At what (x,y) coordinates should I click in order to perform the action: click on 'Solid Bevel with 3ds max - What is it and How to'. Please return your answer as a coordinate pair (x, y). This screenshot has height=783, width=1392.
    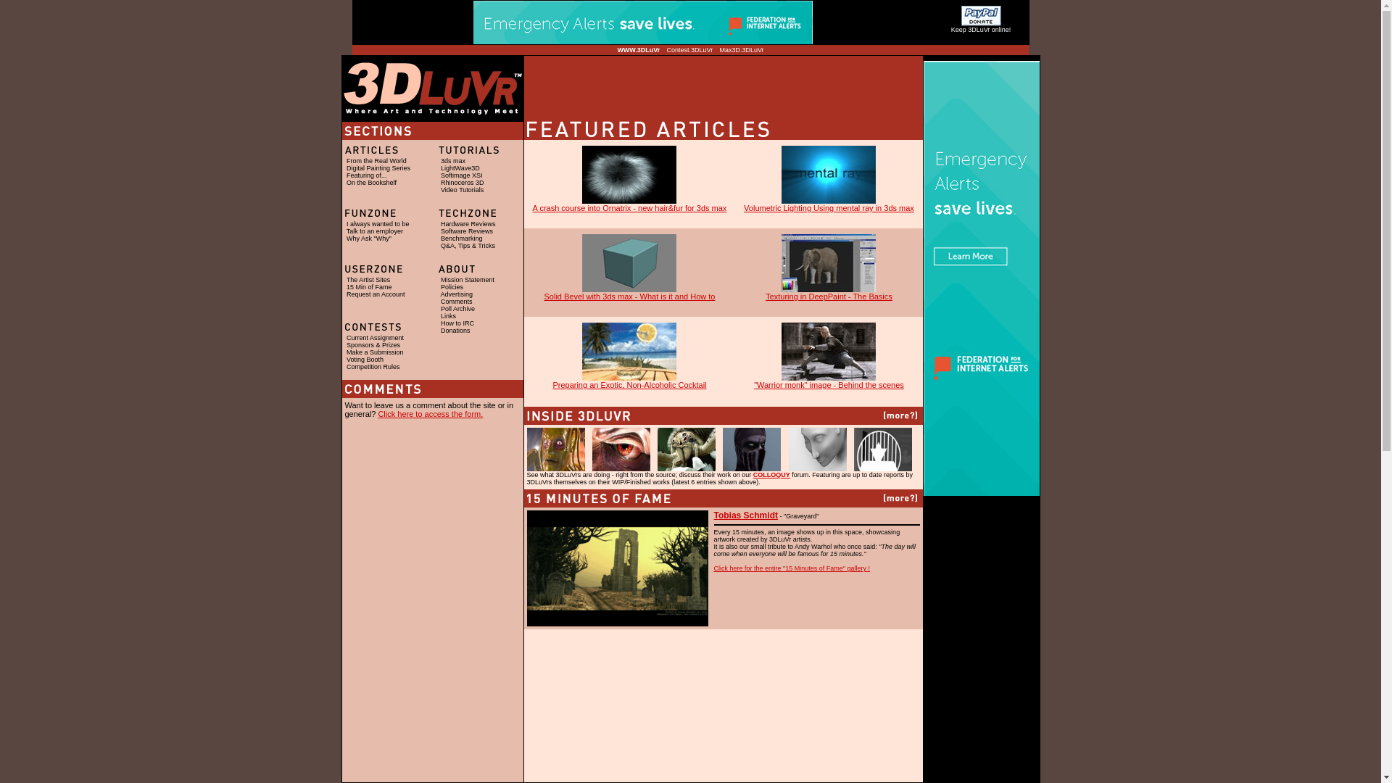
    Looking at the image, I should click on (629, 293).